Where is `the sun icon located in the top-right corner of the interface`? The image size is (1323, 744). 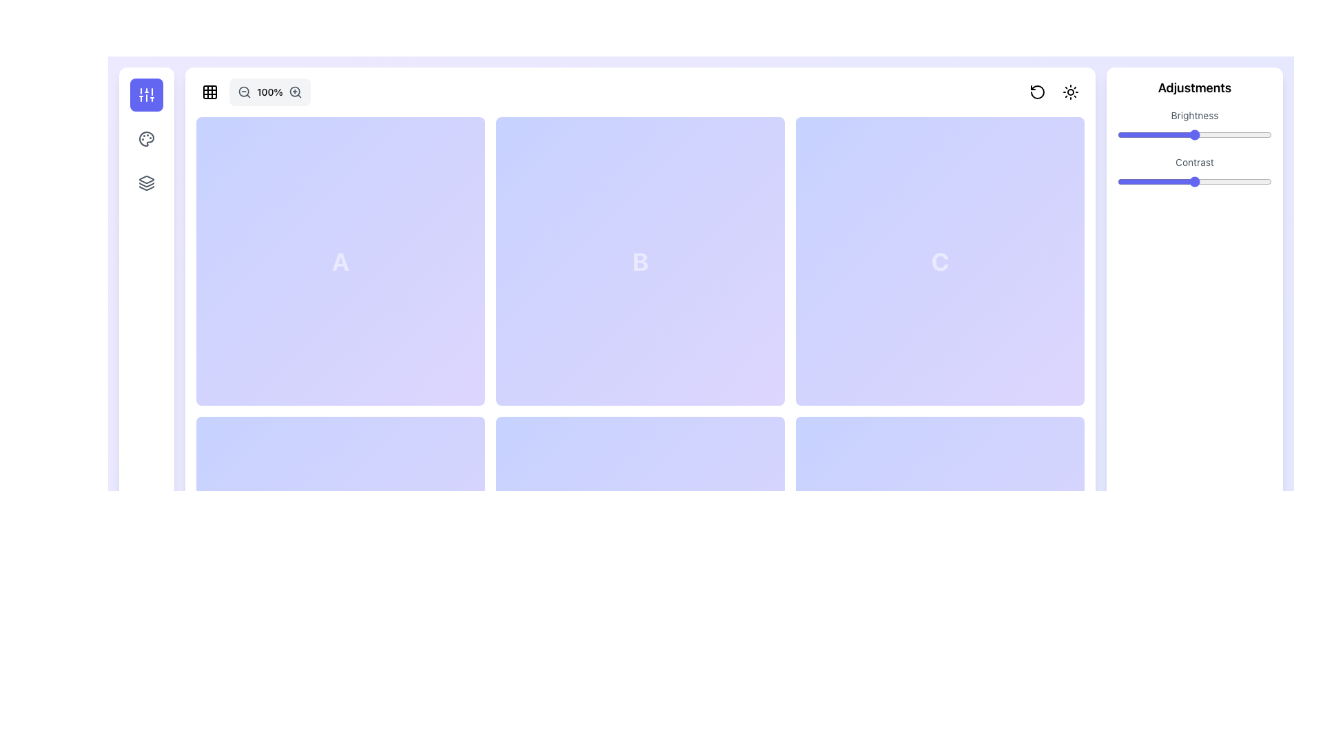 the sun icon located in the top-right corner of the interface is located at coordinates (1070, 92).